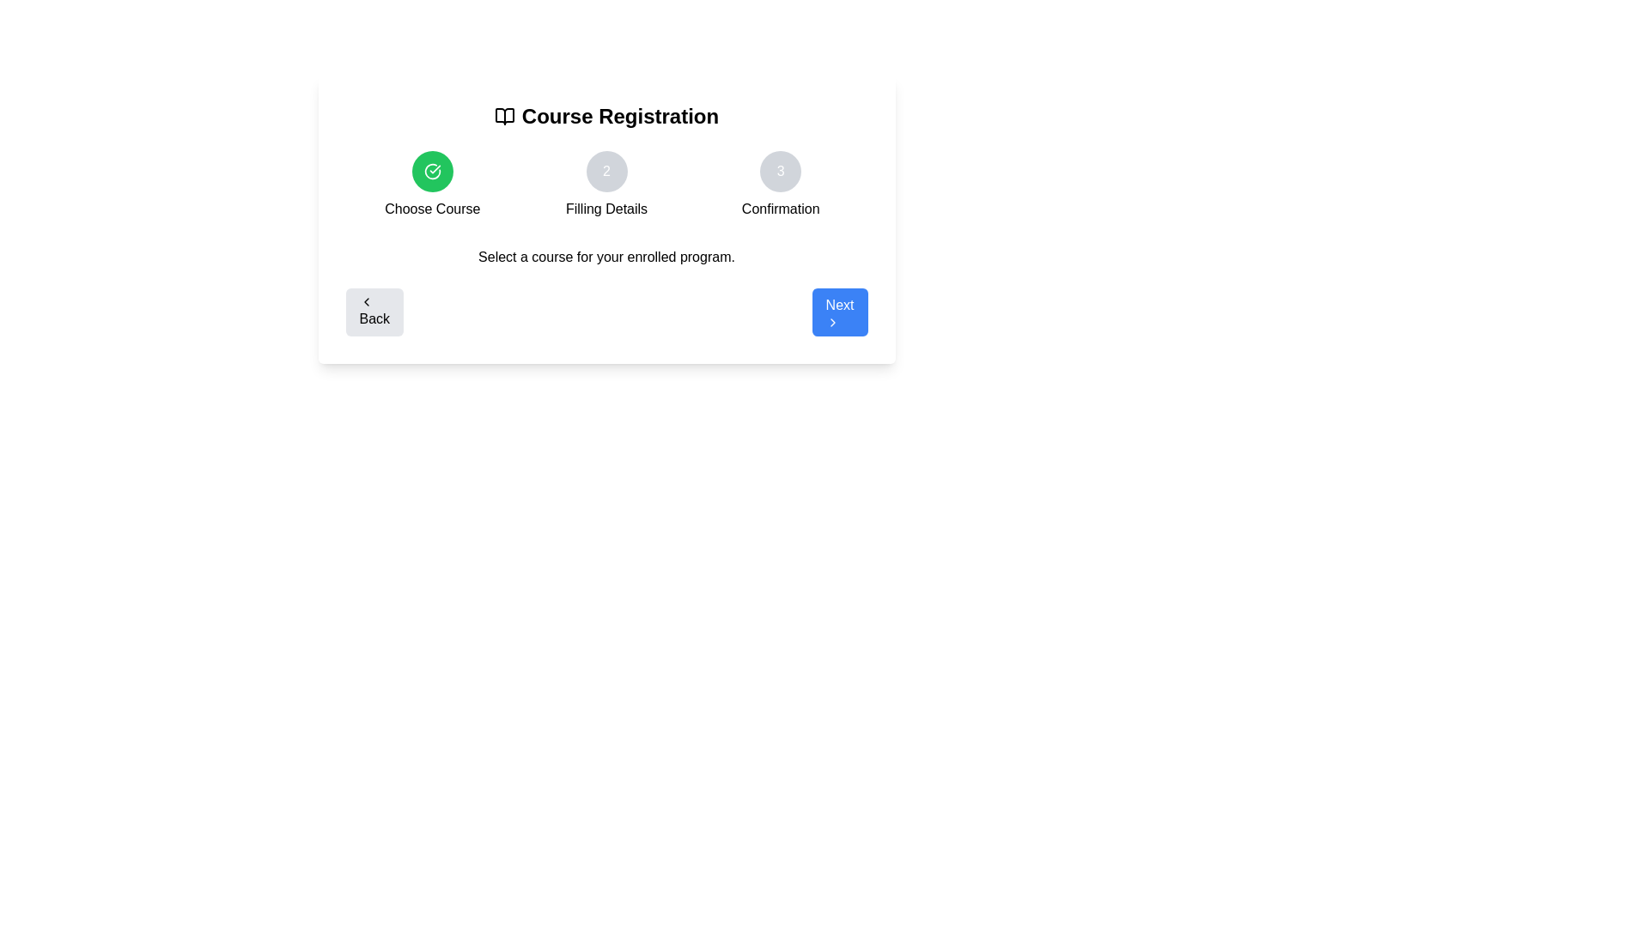 Image resolution: width=1649 pixels, height=927 pixels. Describe the element at coordinates (780, 172) in the screenshot. I see `the circular button with a gray fill and the number '3' centered in white lettering, located in the 'Confirmation' step of the process flow` at that location.